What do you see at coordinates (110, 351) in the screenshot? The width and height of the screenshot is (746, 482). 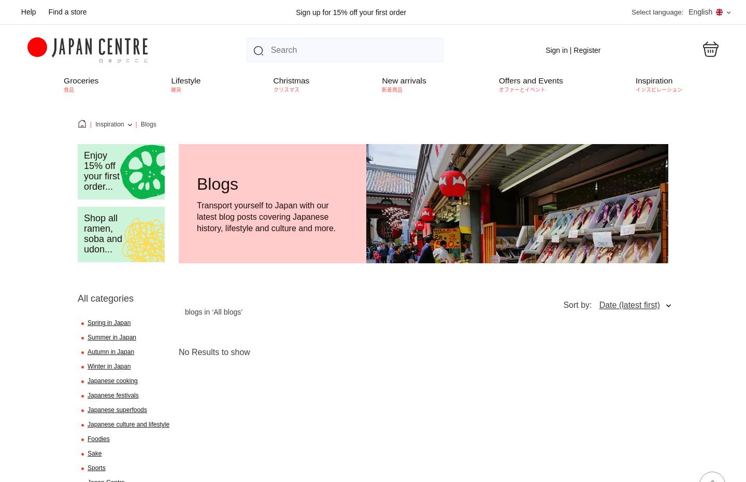 I see `'Autumn in Japan'` at bounding box center [110, 351].